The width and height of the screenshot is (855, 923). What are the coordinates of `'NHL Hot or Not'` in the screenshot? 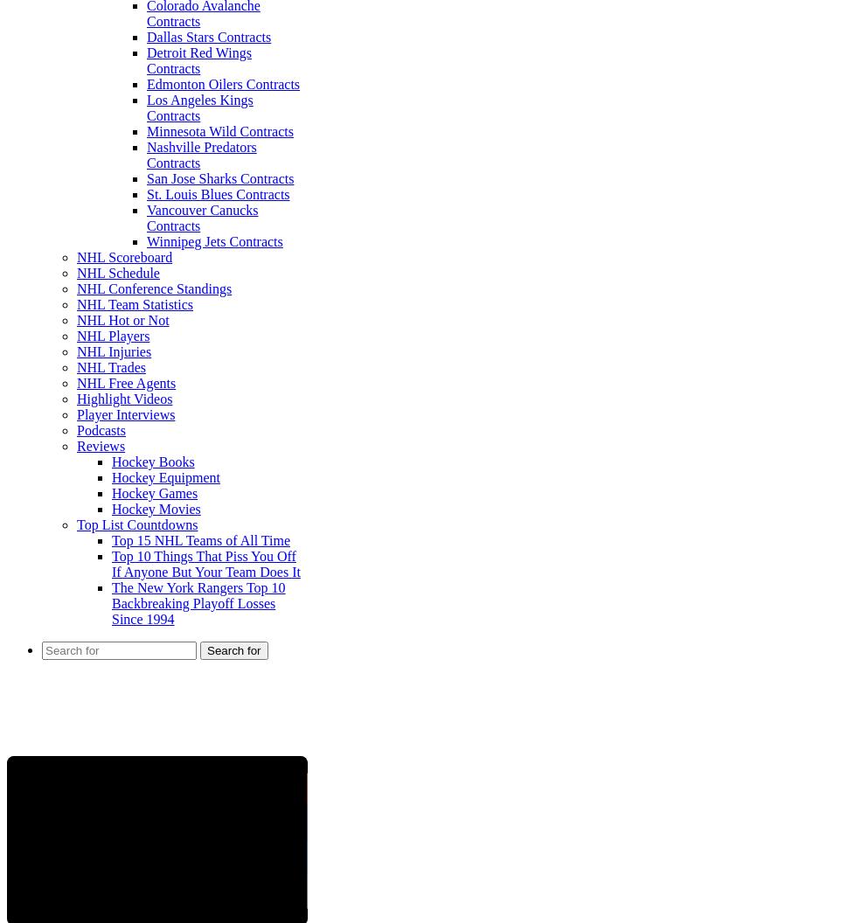 It's located at (77, 319).